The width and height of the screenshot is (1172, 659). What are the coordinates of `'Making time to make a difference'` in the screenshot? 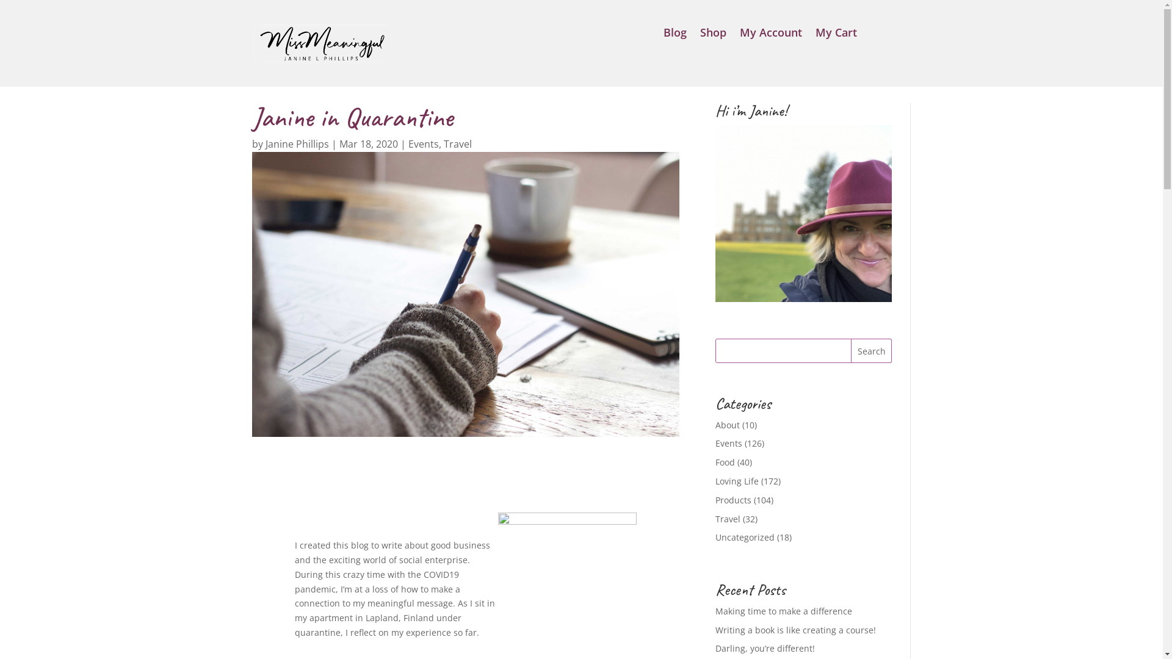 It's located at (715, 611).